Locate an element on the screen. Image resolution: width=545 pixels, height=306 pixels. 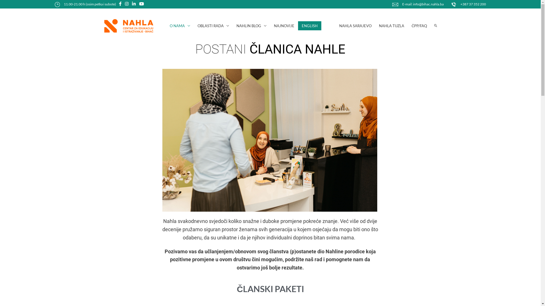
'O NAMA' is located at coordinates (179, 26).